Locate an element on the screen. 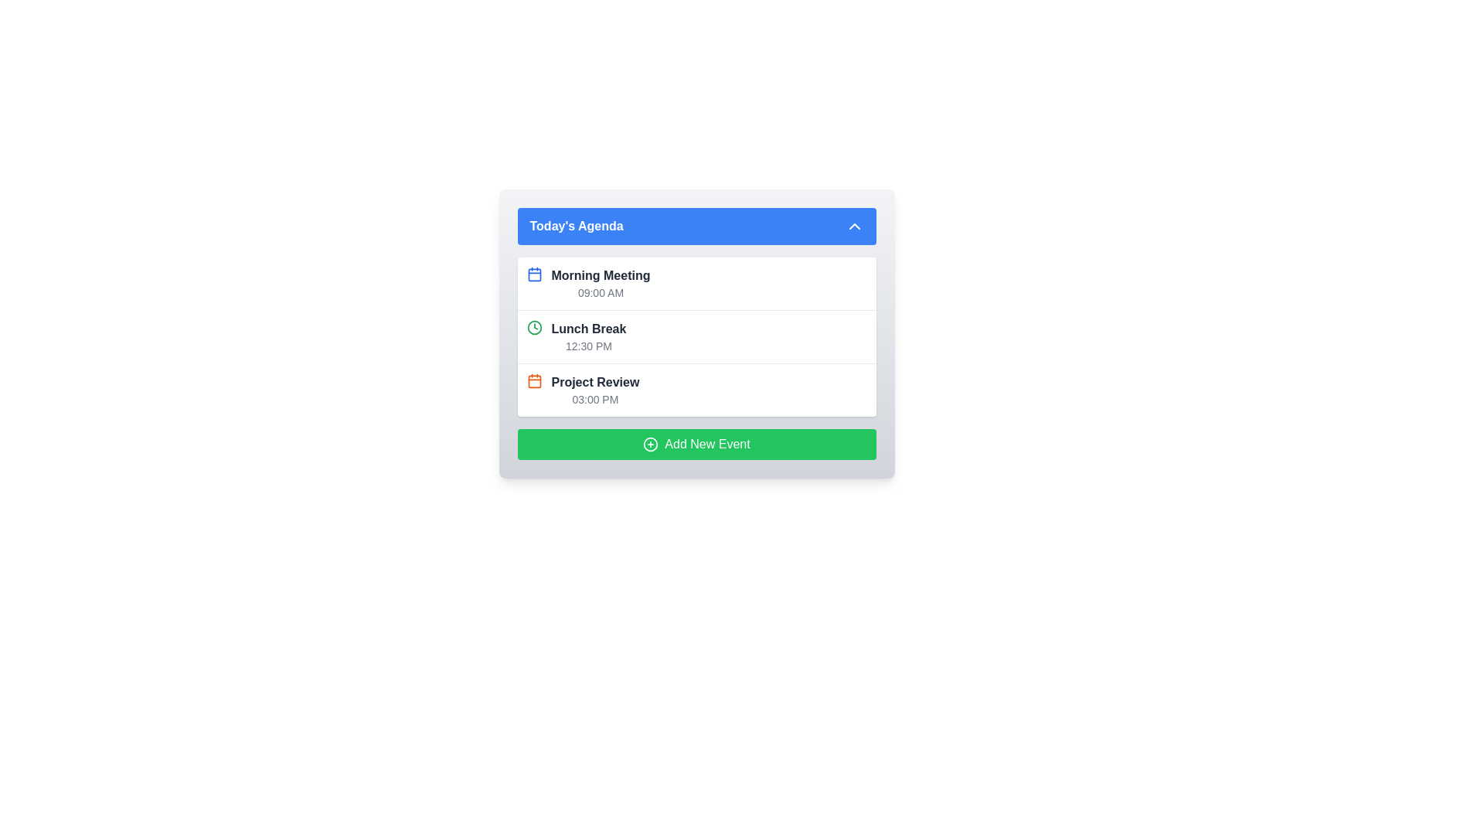  title text displayed at the top of the card-like structure, which is horizontally centered in the blue header section is located at coordinates (576, 227).